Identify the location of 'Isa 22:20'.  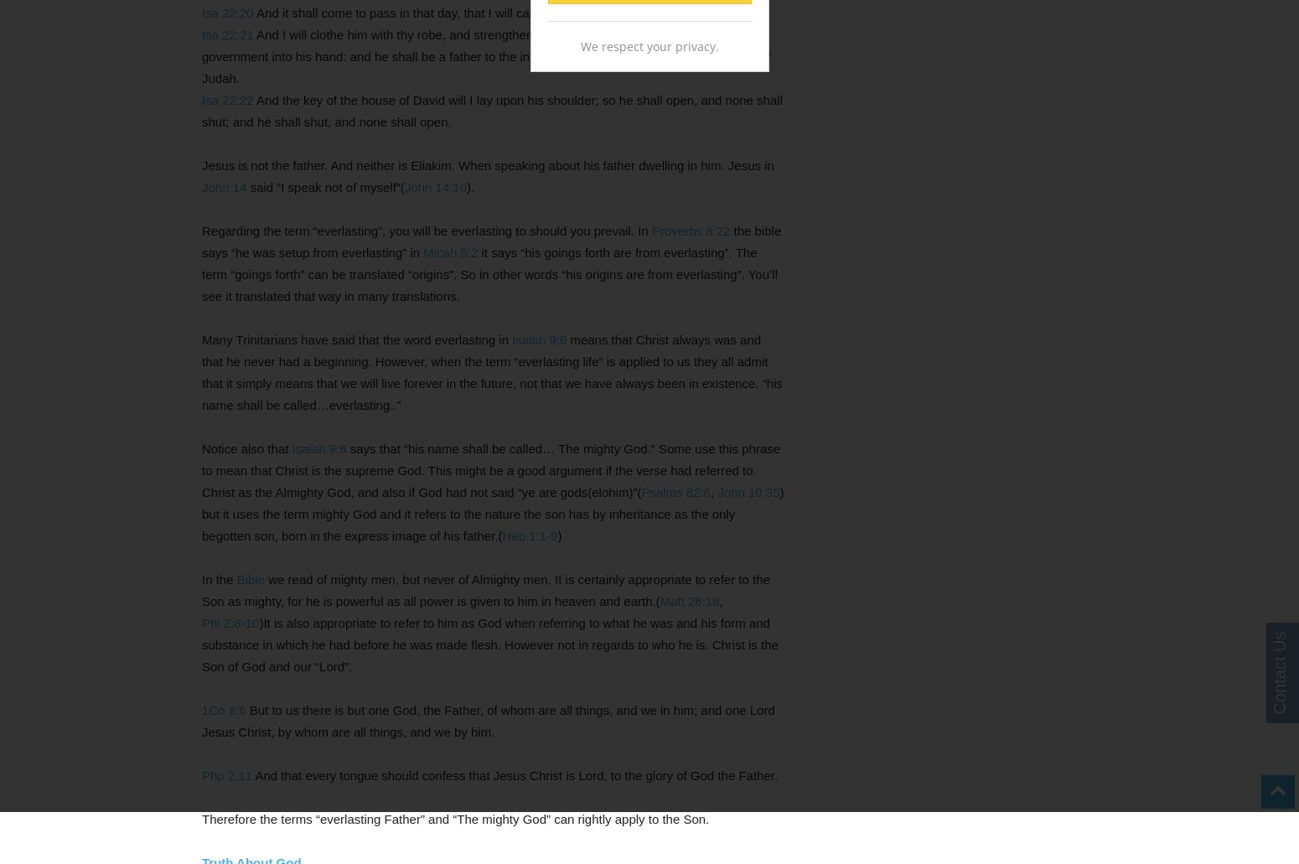
(227, 13).